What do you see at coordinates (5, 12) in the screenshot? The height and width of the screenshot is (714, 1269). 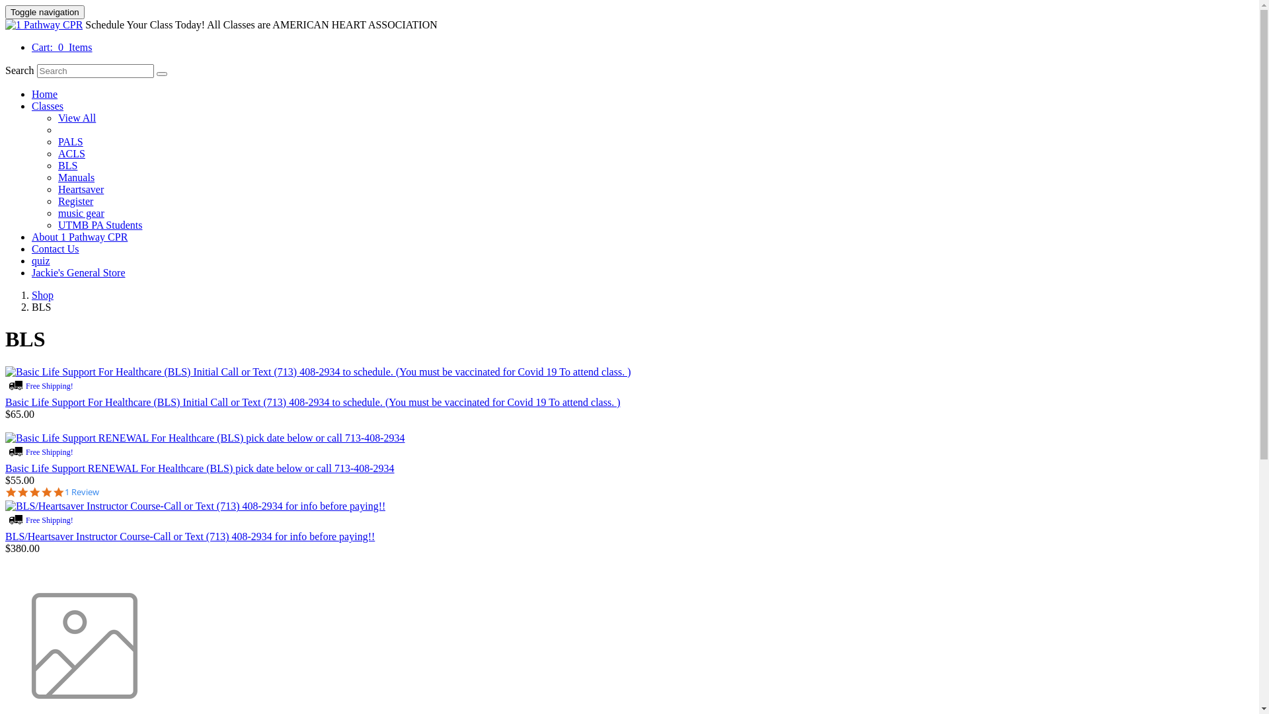 I see `'Toggle navigation'` at bounding box center [5, 12].